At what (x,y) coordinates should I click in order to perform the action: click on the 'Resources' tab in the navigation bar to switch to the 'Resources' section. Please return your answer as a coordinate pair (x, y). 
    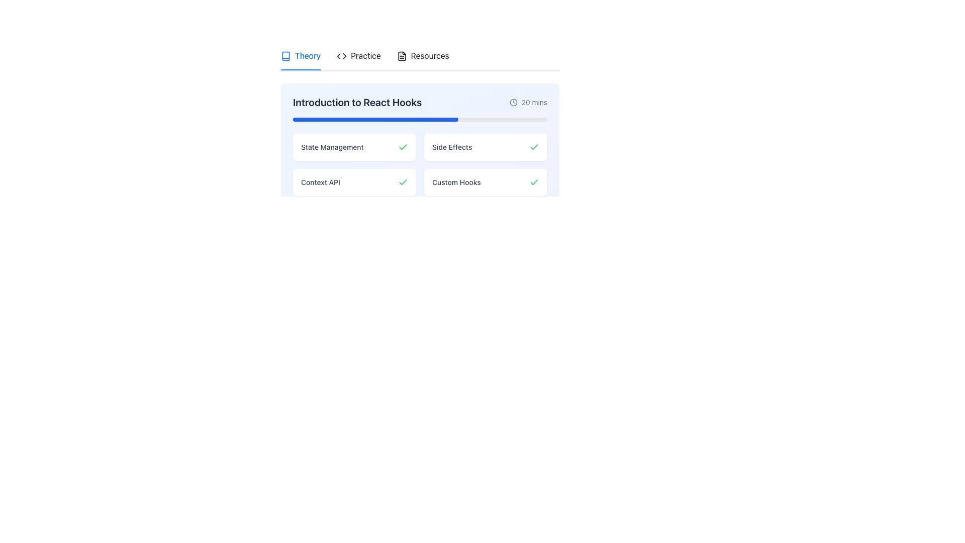
    Looking at the image, I should click on (423, 56).